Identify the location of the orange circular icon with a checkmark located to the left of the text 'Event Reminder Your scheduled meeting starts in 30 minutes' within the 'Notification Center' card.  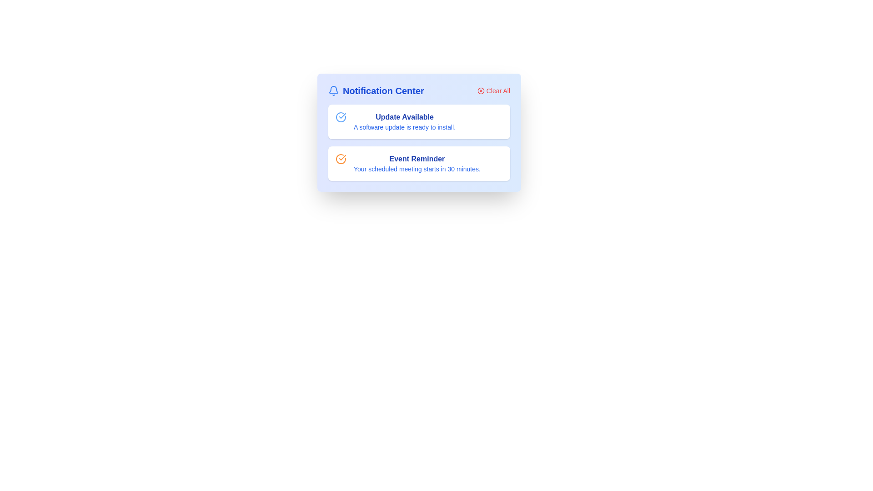
(340, 159).